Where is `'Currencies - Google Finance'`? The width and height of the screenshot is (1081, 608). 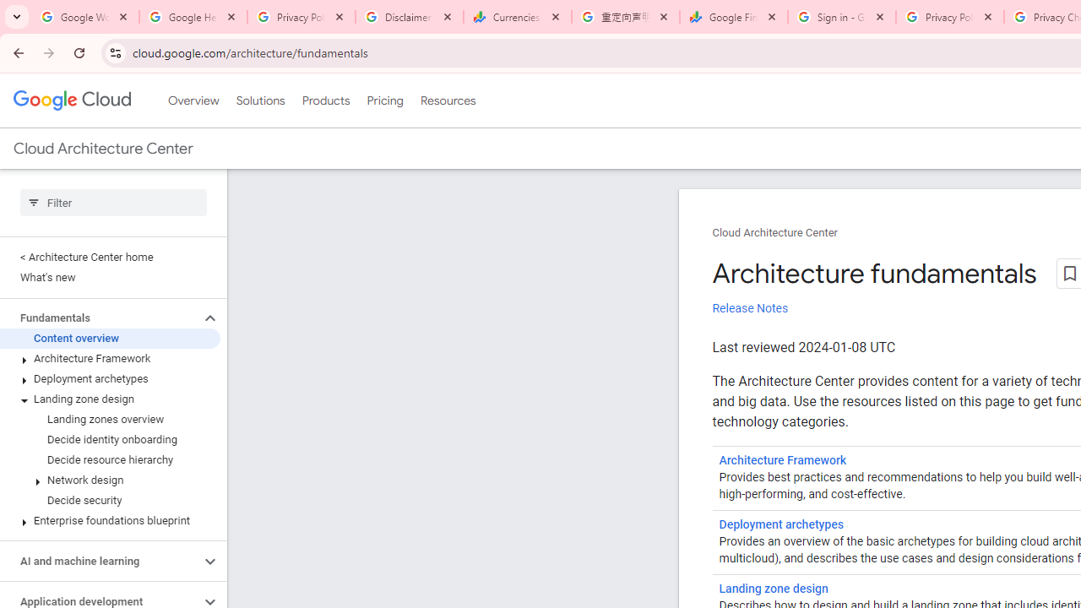
'Currencies - Google Finance' is located at coordinates (517, 17).